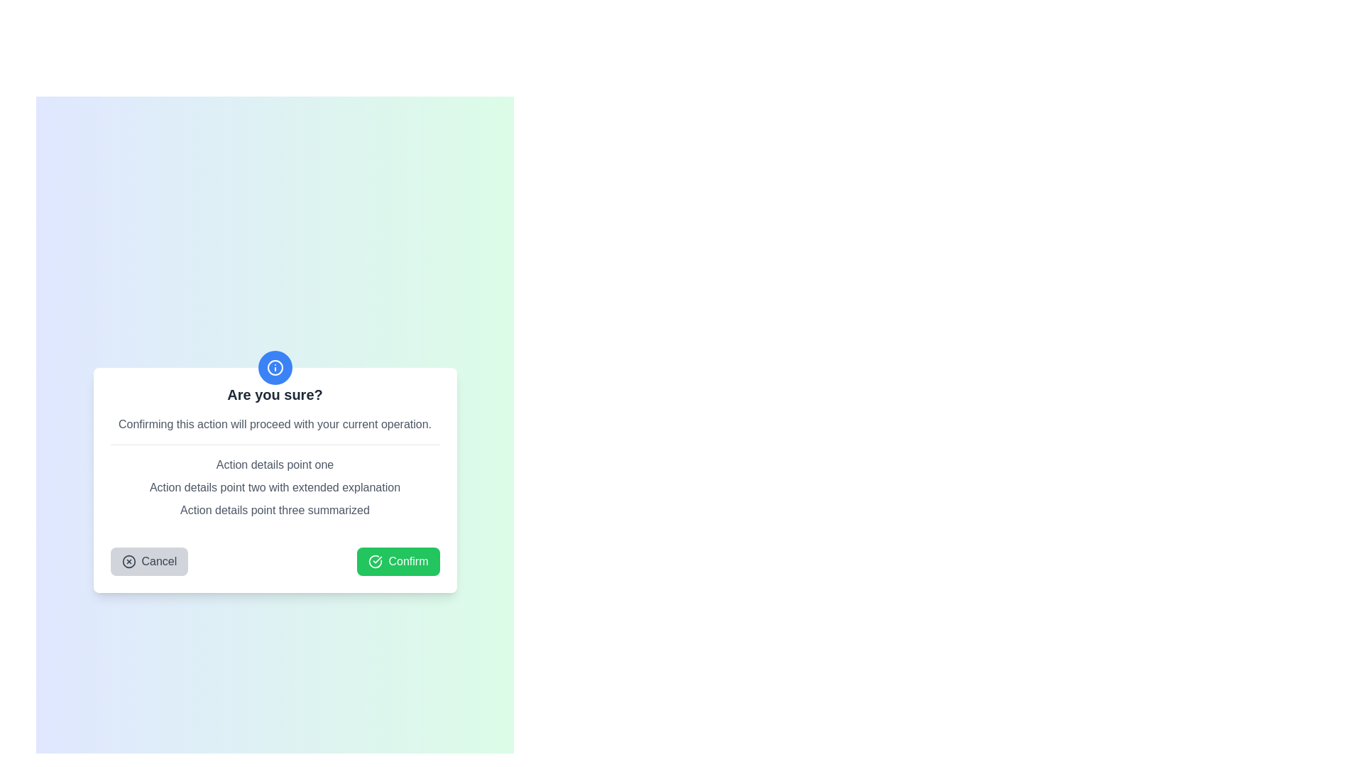 Image resolution: width=1363 pixels, height=767 pixels. I want to click on the Static text label that summarizes a key point under the 'Are you sure?' header, which is the first in a vertical list of three text items, so click(275, 464).